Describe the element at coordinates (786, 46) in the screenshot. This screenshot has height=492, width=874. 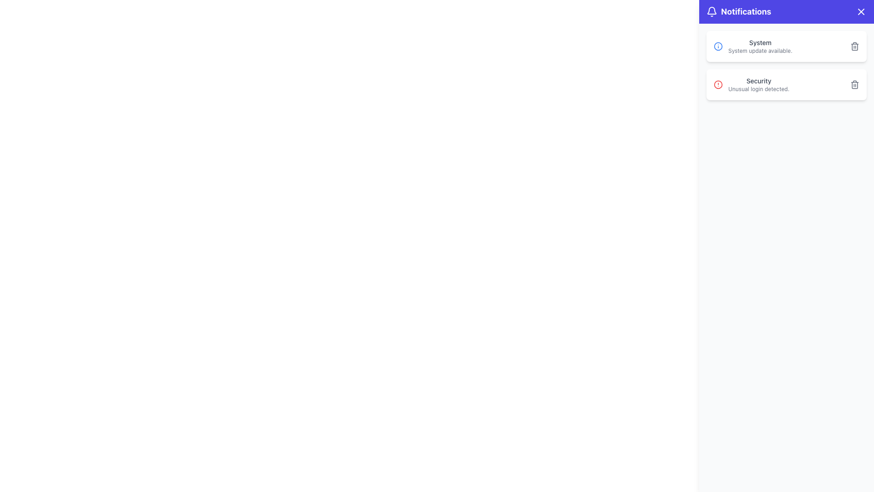
I see `the first notification card labeled 'System' in the list` at that location.